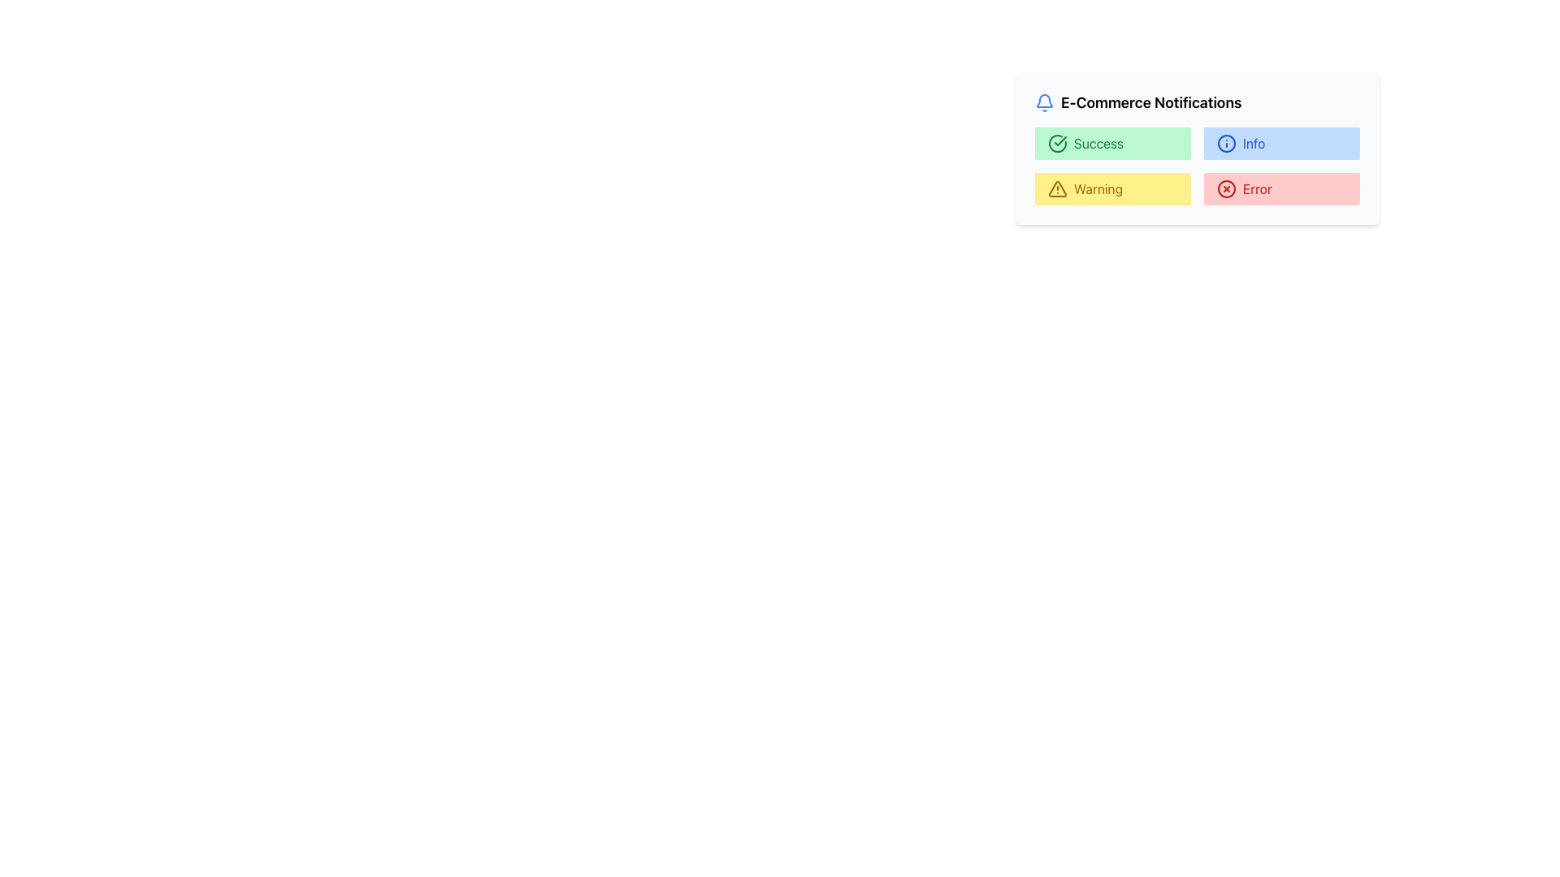  Describe the element at coordinates (1227, 143) in the screenshot. I see `the graphical representation of the circular 'info' icon located at the start of the 'Info' button with a light blue background` at that location.